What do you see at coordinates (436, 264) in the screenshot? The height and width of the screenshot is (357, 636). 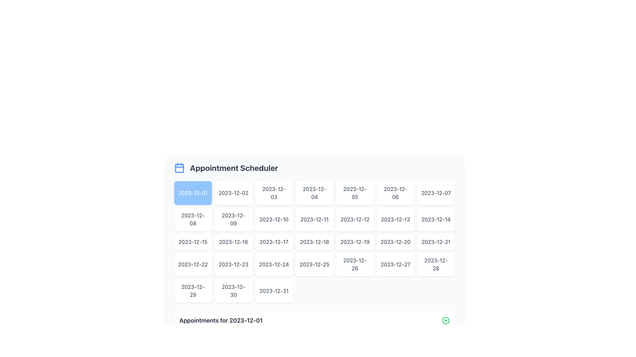 I see `the selectable calendar date button located in the last row and sixth column of the grid` at bounding box center [436, 264].